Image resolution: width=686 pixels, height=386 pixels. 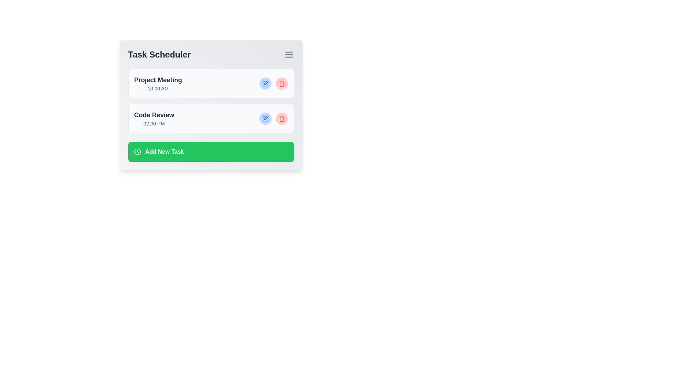 What do you see at coordinates (158, 83) in the screenshot?
I see `the first task item in the Task Scheduler panel named 'Project Meeting'` at bounding box center [158, 83].